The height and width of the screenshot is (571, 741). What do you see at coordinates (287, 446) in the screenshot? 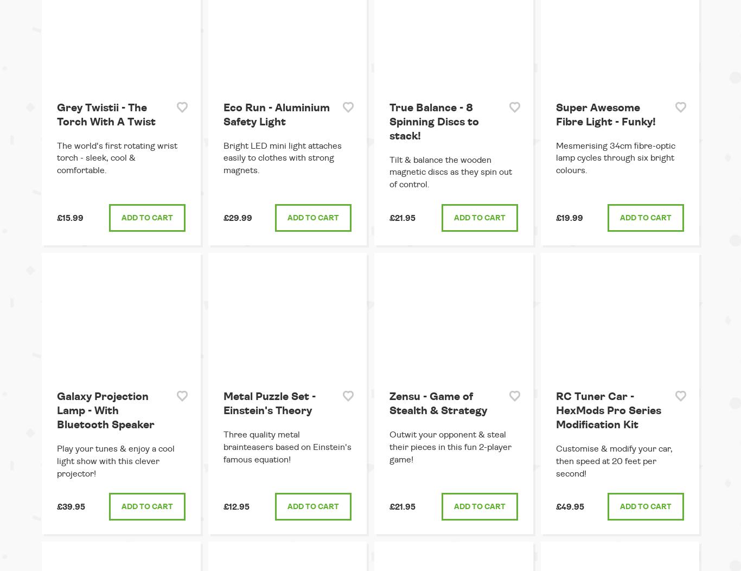
I see `'Three quality metal brainteasers based on Einstein's famous equation!'` at bounding box center [287, 446].